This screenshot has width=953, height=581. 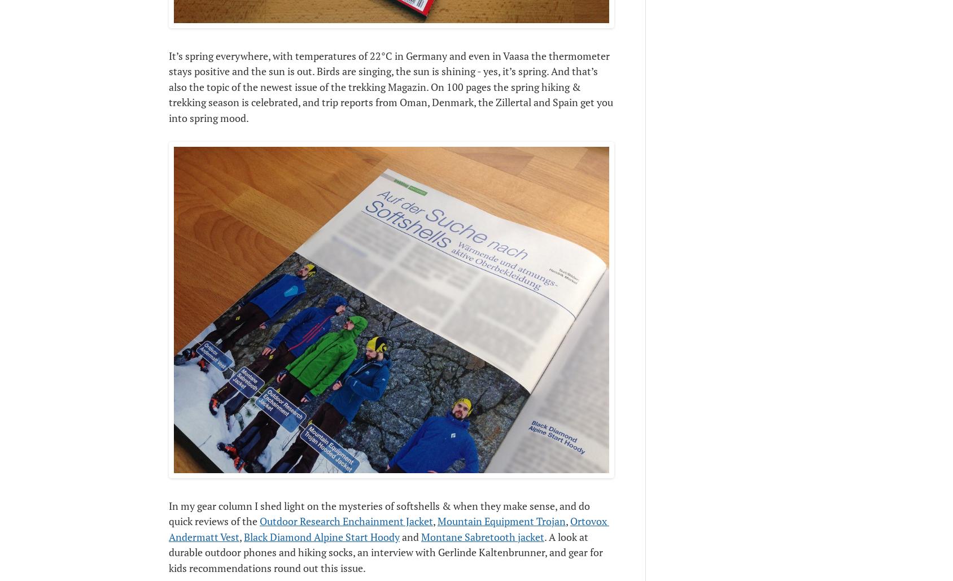 What do you see at coordinates (399, 536) in the screenshot?
I see `'and'` at bounding box center [399, 536].